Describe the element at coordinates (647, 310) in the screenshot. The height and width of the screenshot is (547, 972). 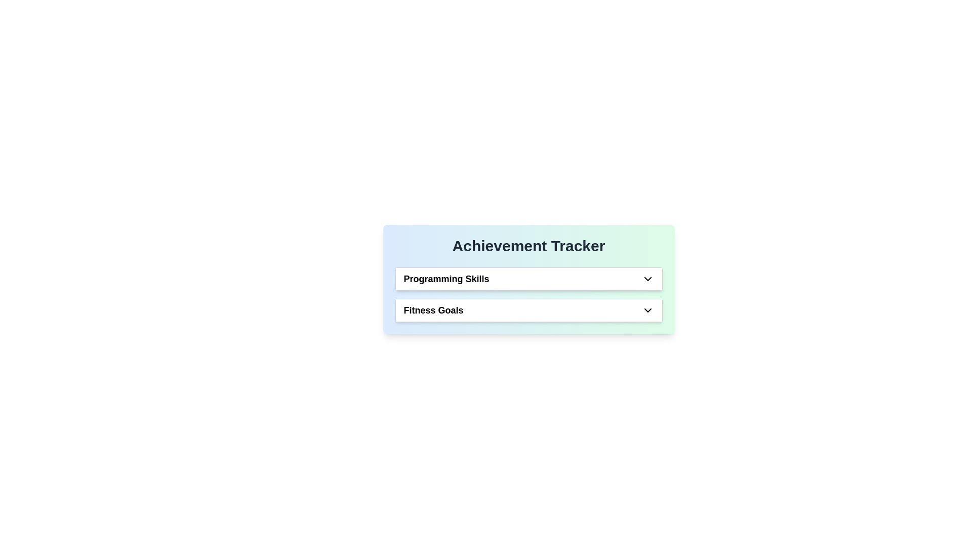
I see `the dropdown button for Fitness Goals to expand it` at that location.